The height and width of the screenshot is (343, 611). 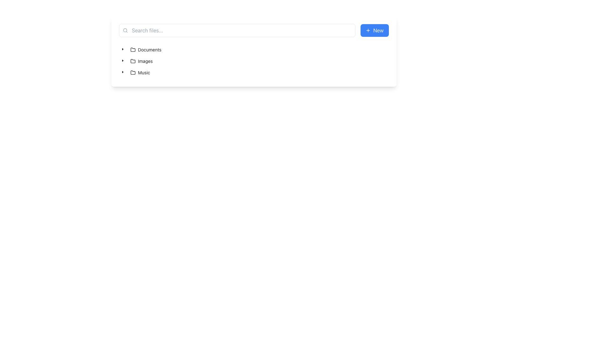 I want to click on the text label displaying 'Images', which is located between 'Documents' and 'Music' in the list of folder names, so click(x=145, y=61).